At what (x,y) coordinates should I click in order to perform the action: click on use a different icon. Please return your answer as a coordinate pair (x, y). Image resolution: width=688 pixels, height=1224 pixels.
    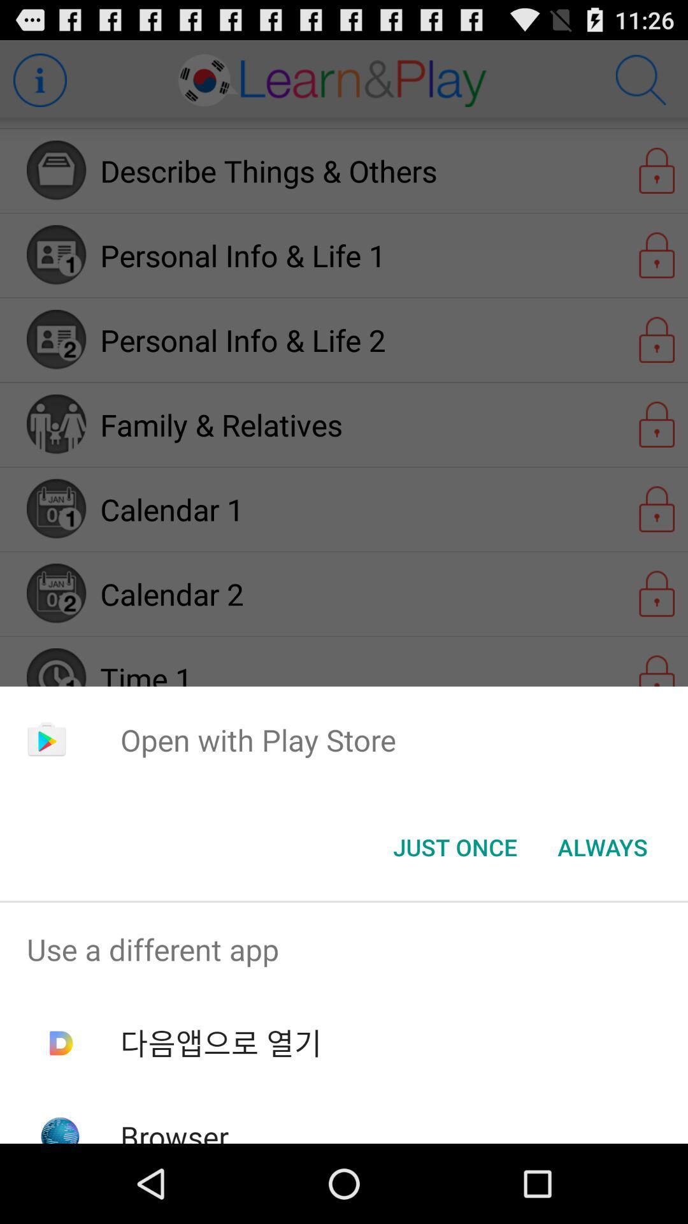
    Looking at the image, I should click on (344, 949).